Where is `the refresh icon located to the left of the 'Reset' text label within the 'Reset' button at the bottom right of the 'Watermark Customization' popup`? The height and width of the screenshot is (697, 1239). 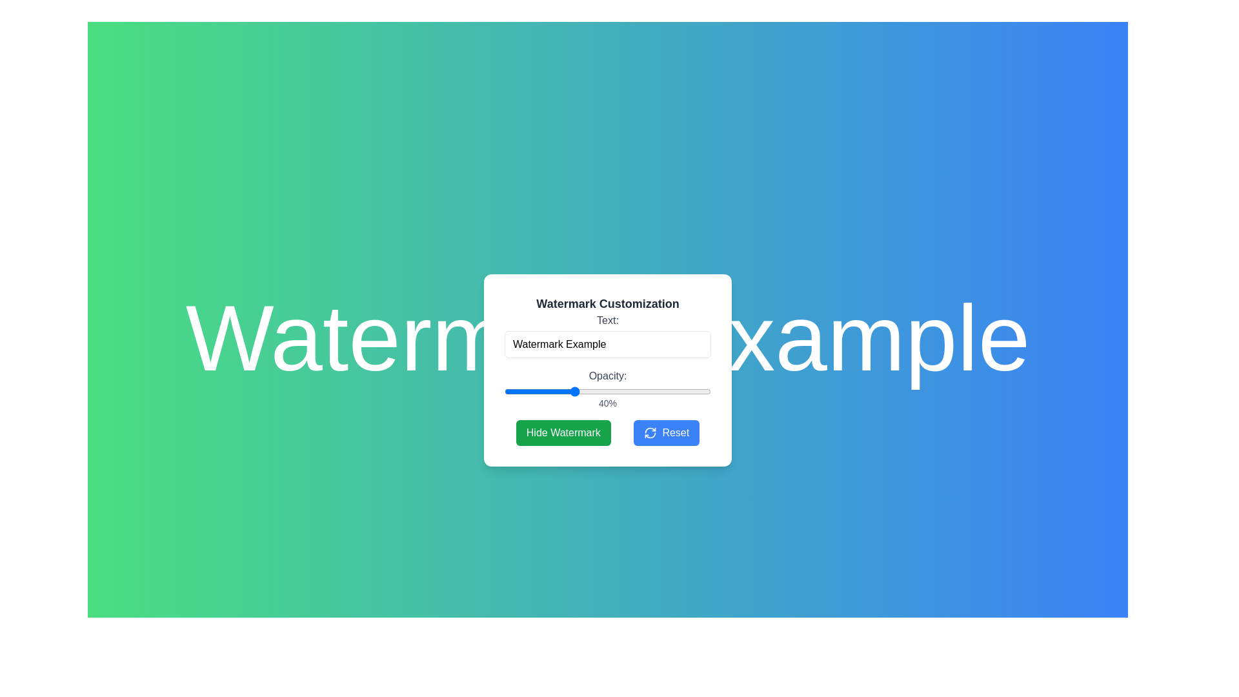
the refresh icon located to the left of the 'Reset' text label within the 'Reset' button at the bottom right of the 'Watermark Customization' popup is located at coordinates (650, 433).